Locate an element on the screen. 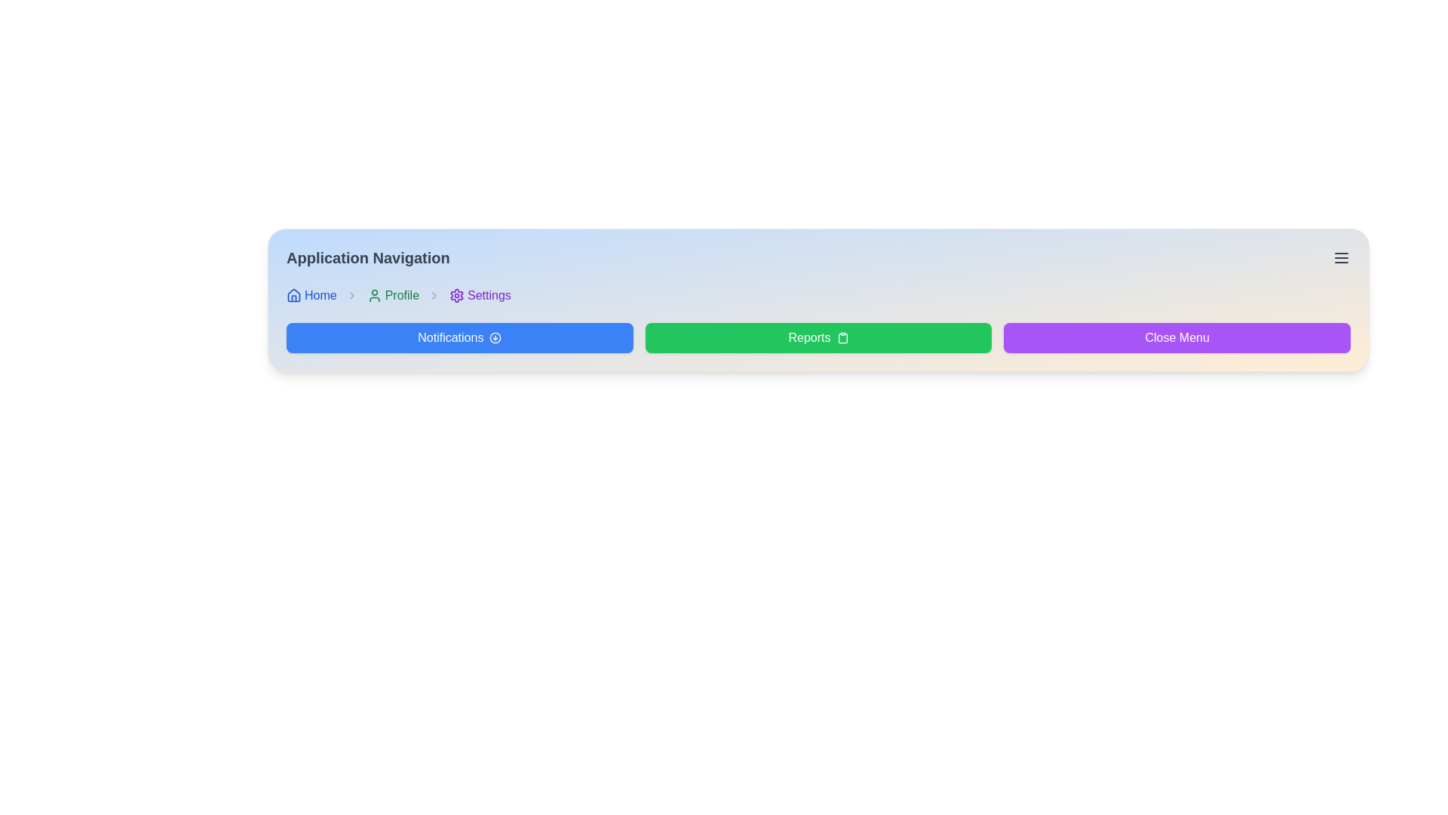 This screenshot has width=1448, height=815. the second hyperlink in the navigation bar is located at coordinates (393, 296).